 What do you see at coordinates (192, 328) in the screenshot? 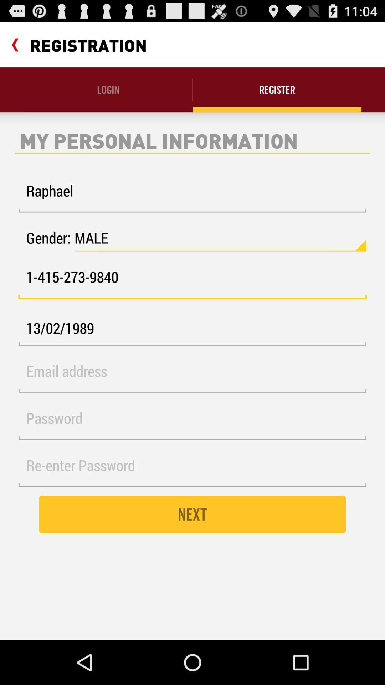
I see `the icon below the 1 415 273` at bounding box center [192, 328].